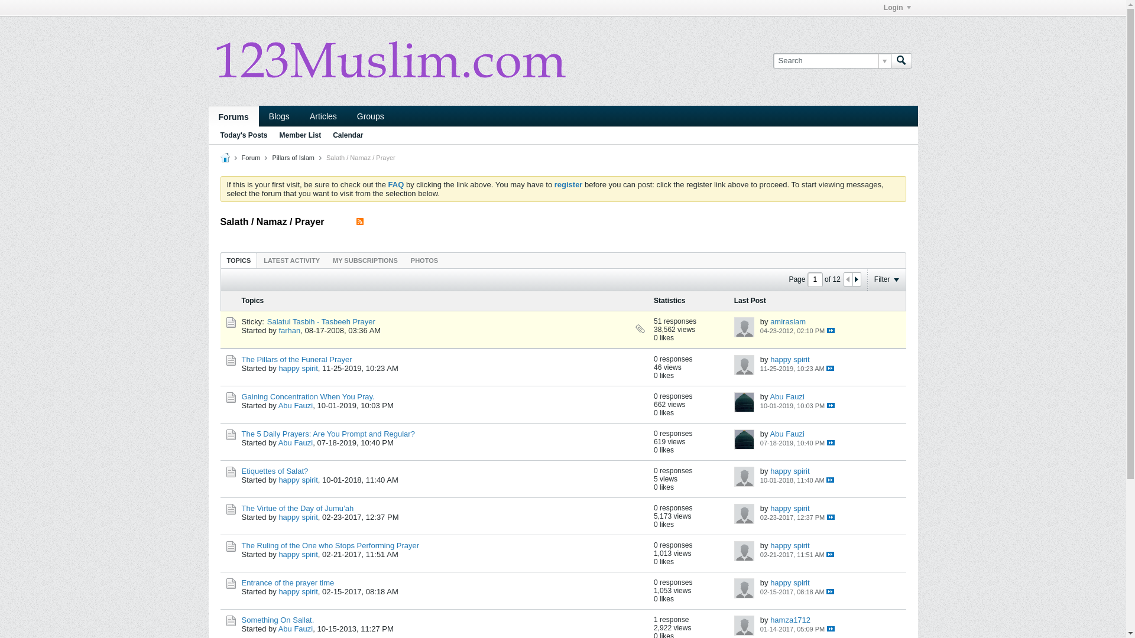  Describe the element at coordinates (323, 116) in the screenshot. I see `'Articles'` at that location.